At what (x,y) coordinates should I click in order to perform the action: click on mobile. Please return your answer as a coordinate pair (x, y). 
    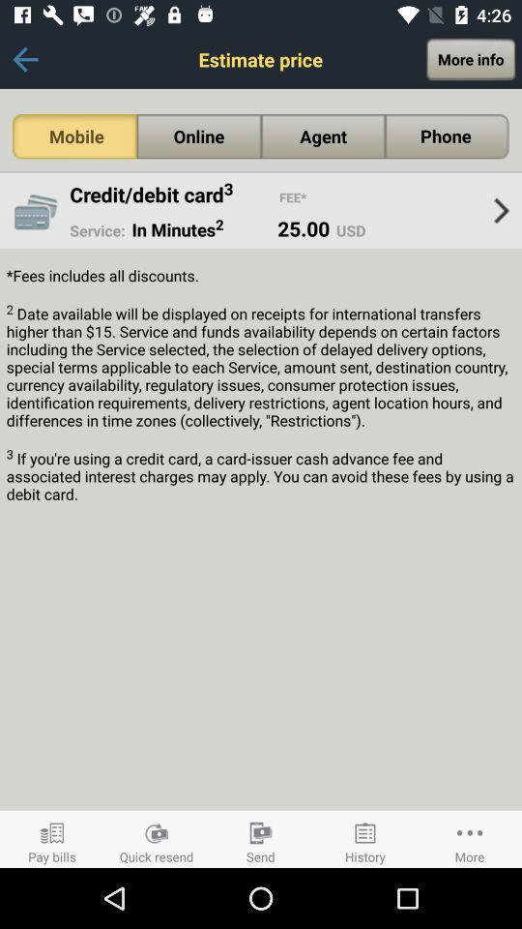
    Looking at the image, I should click on (73, 135).